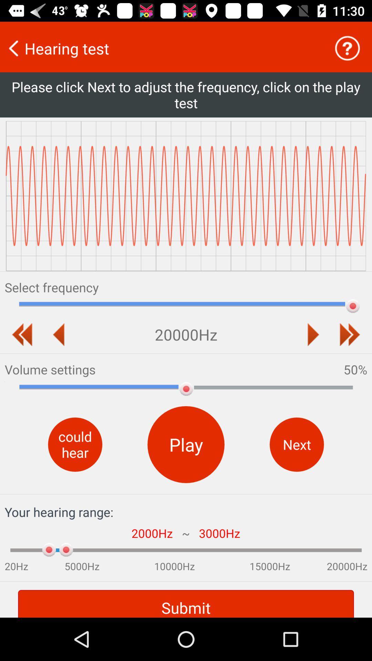 The height and width of the screenshot is (661, 372). Describe the element at coordinates (22, 334) in the screenshot. I see `rewind at a faster speed` at that location.